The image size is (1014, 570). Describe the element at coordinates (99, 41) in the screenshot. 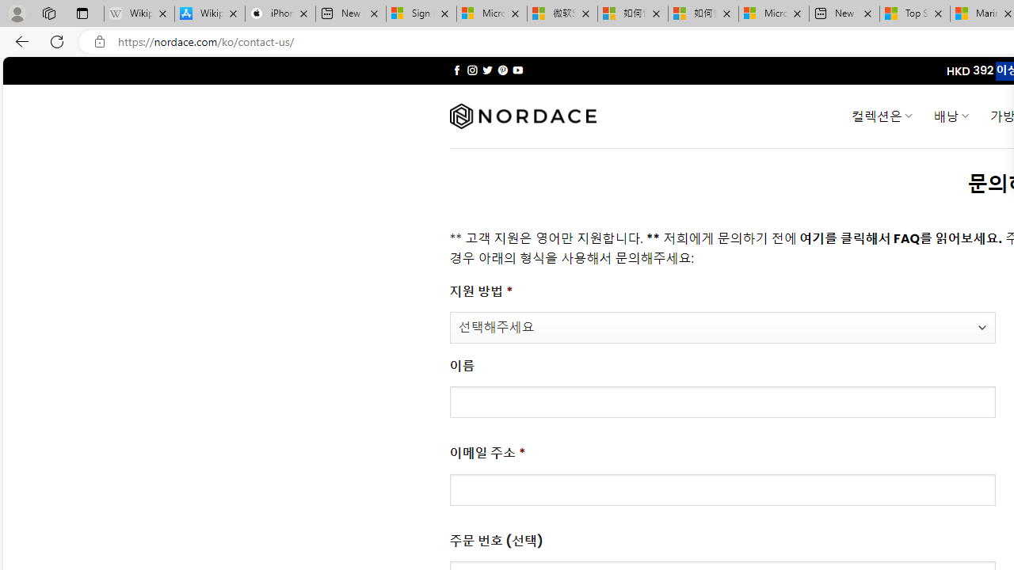

I see `'View site information'` at that location.